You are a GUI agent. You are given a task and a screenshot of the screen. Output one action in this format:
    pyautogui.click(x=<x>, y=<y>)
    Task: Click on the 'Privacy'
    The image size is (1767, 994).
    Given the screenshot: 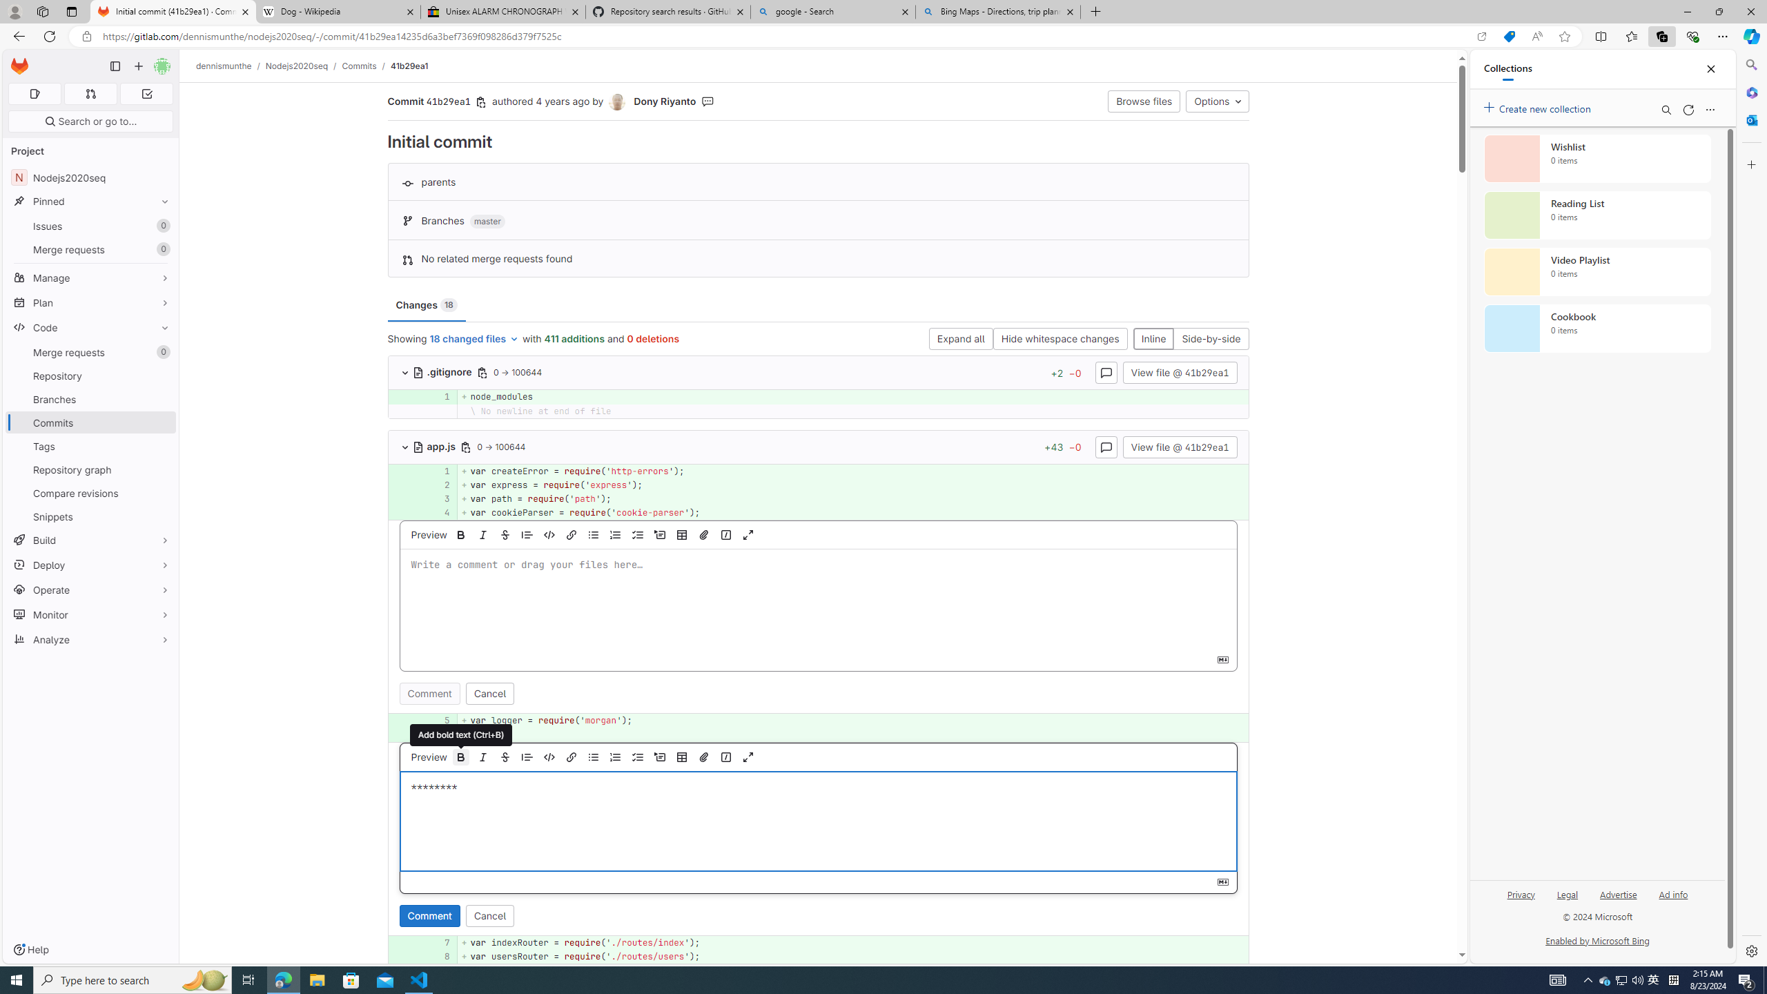 What is the action you would take?
    pyautogui.click(x=1521, y=893)
    